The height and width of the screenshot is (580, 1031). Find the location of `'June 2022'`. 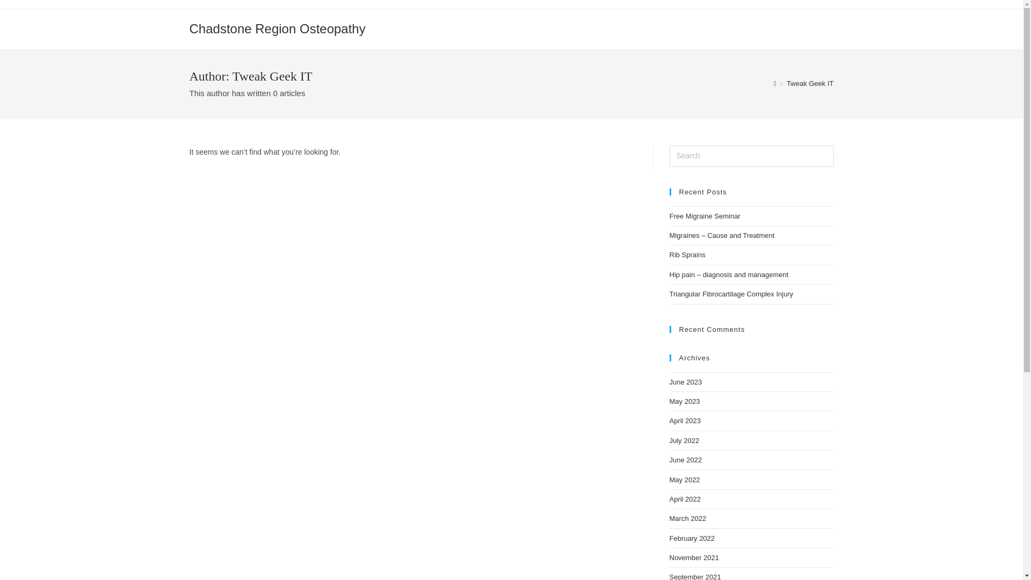

'June 2022' is located at coordinates (685, 459).